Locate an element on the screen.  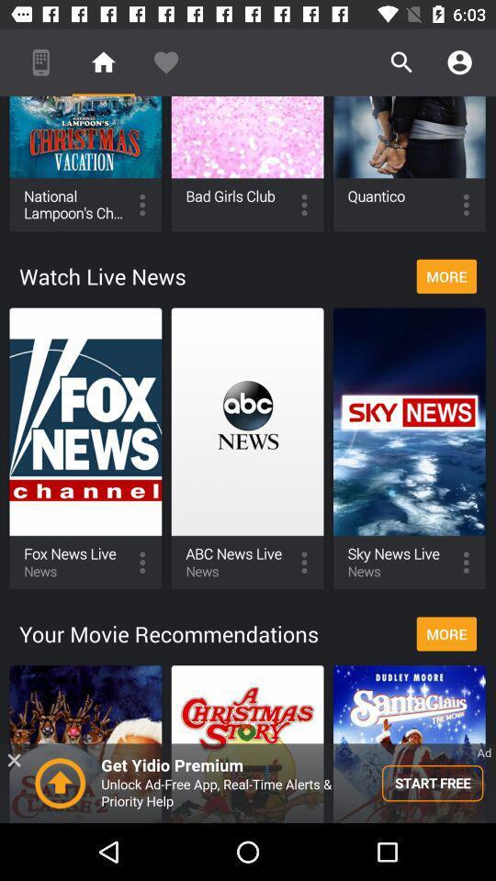
fox news live is located at coordinates (85, 448).